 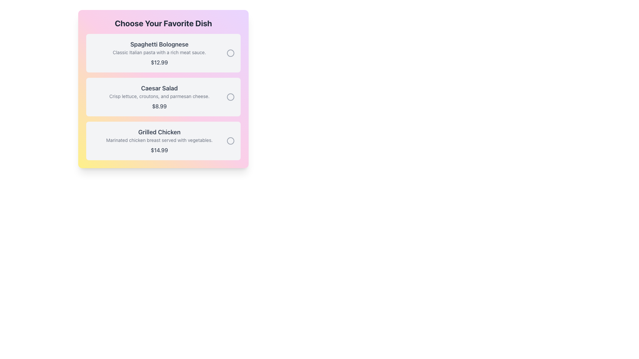 What do you see at coordinates (159, 62) in the screenshot?
I see `text label displaying '$12.99' which indicates the price of the first dish entry 'Spaghetti Bolognese'` at bounding box center [159, 62].